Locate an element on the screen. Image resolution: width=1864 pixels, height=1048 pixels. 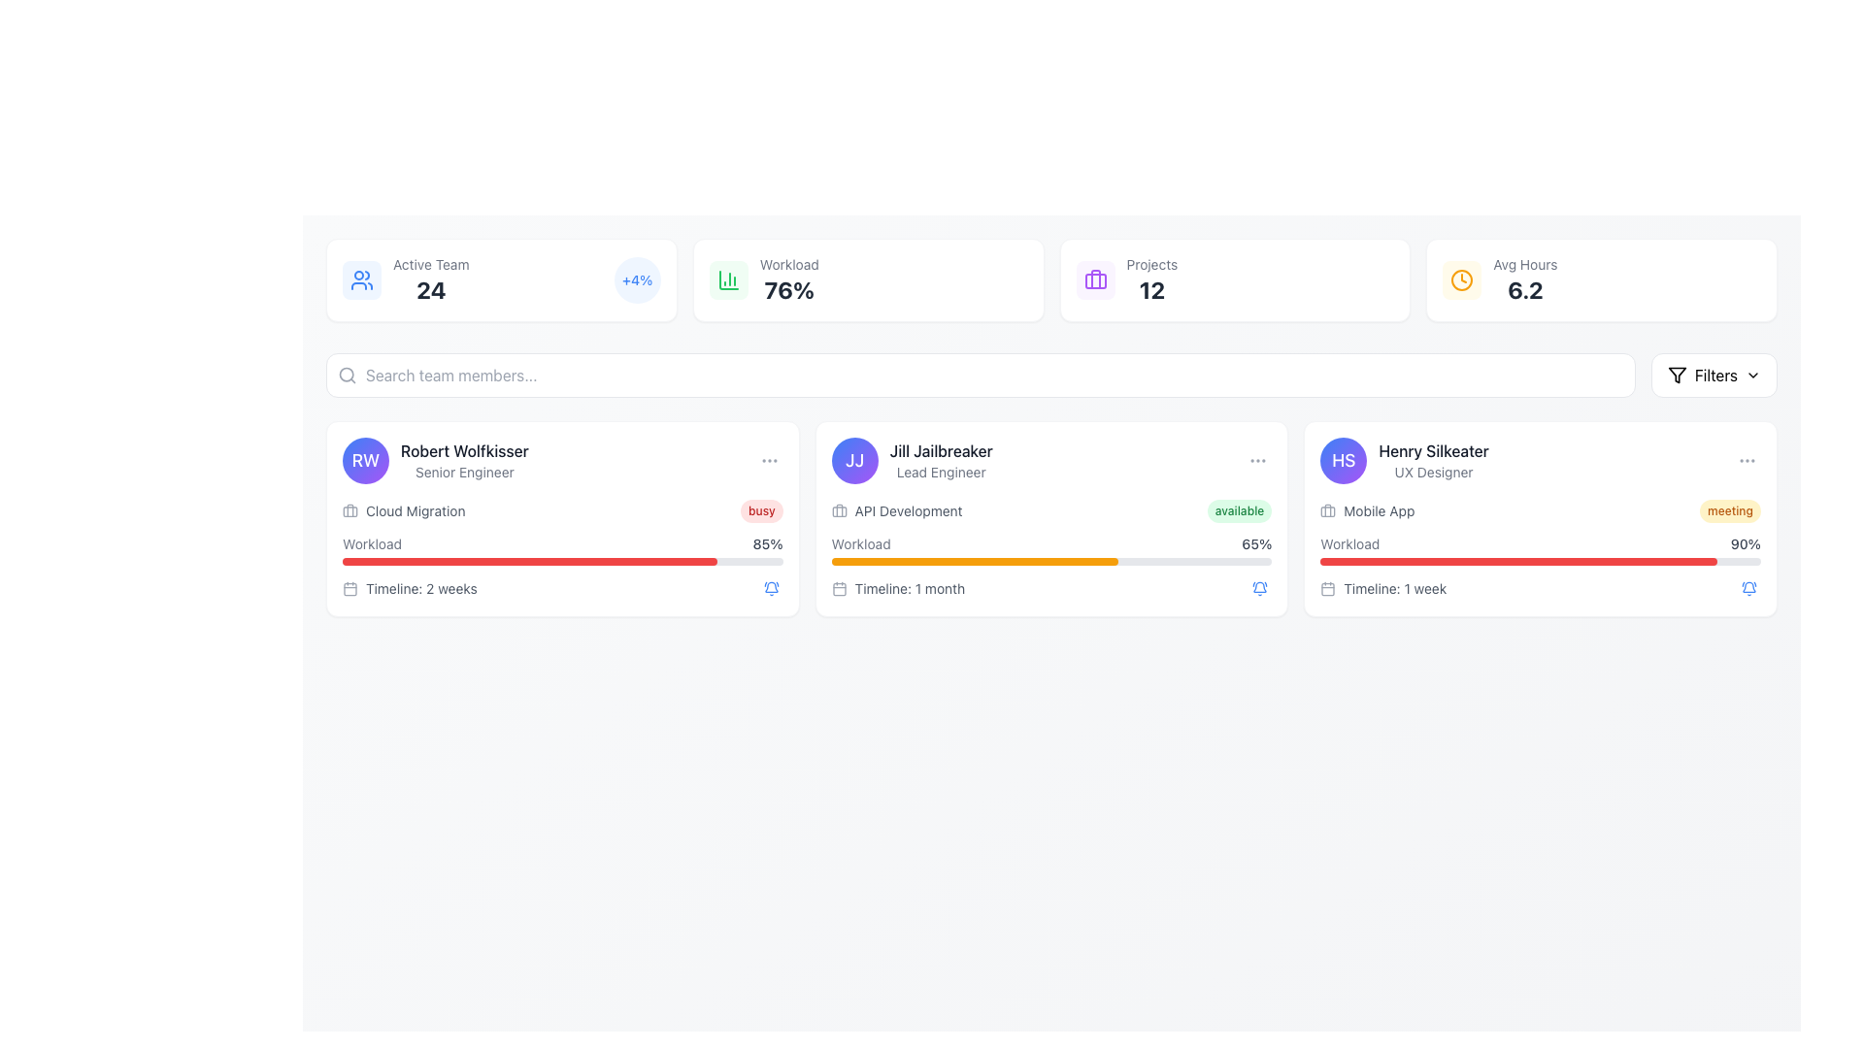
the name 'Jill Jailbreaker' in the Profile identifier section is located at coordinates (911, 460).